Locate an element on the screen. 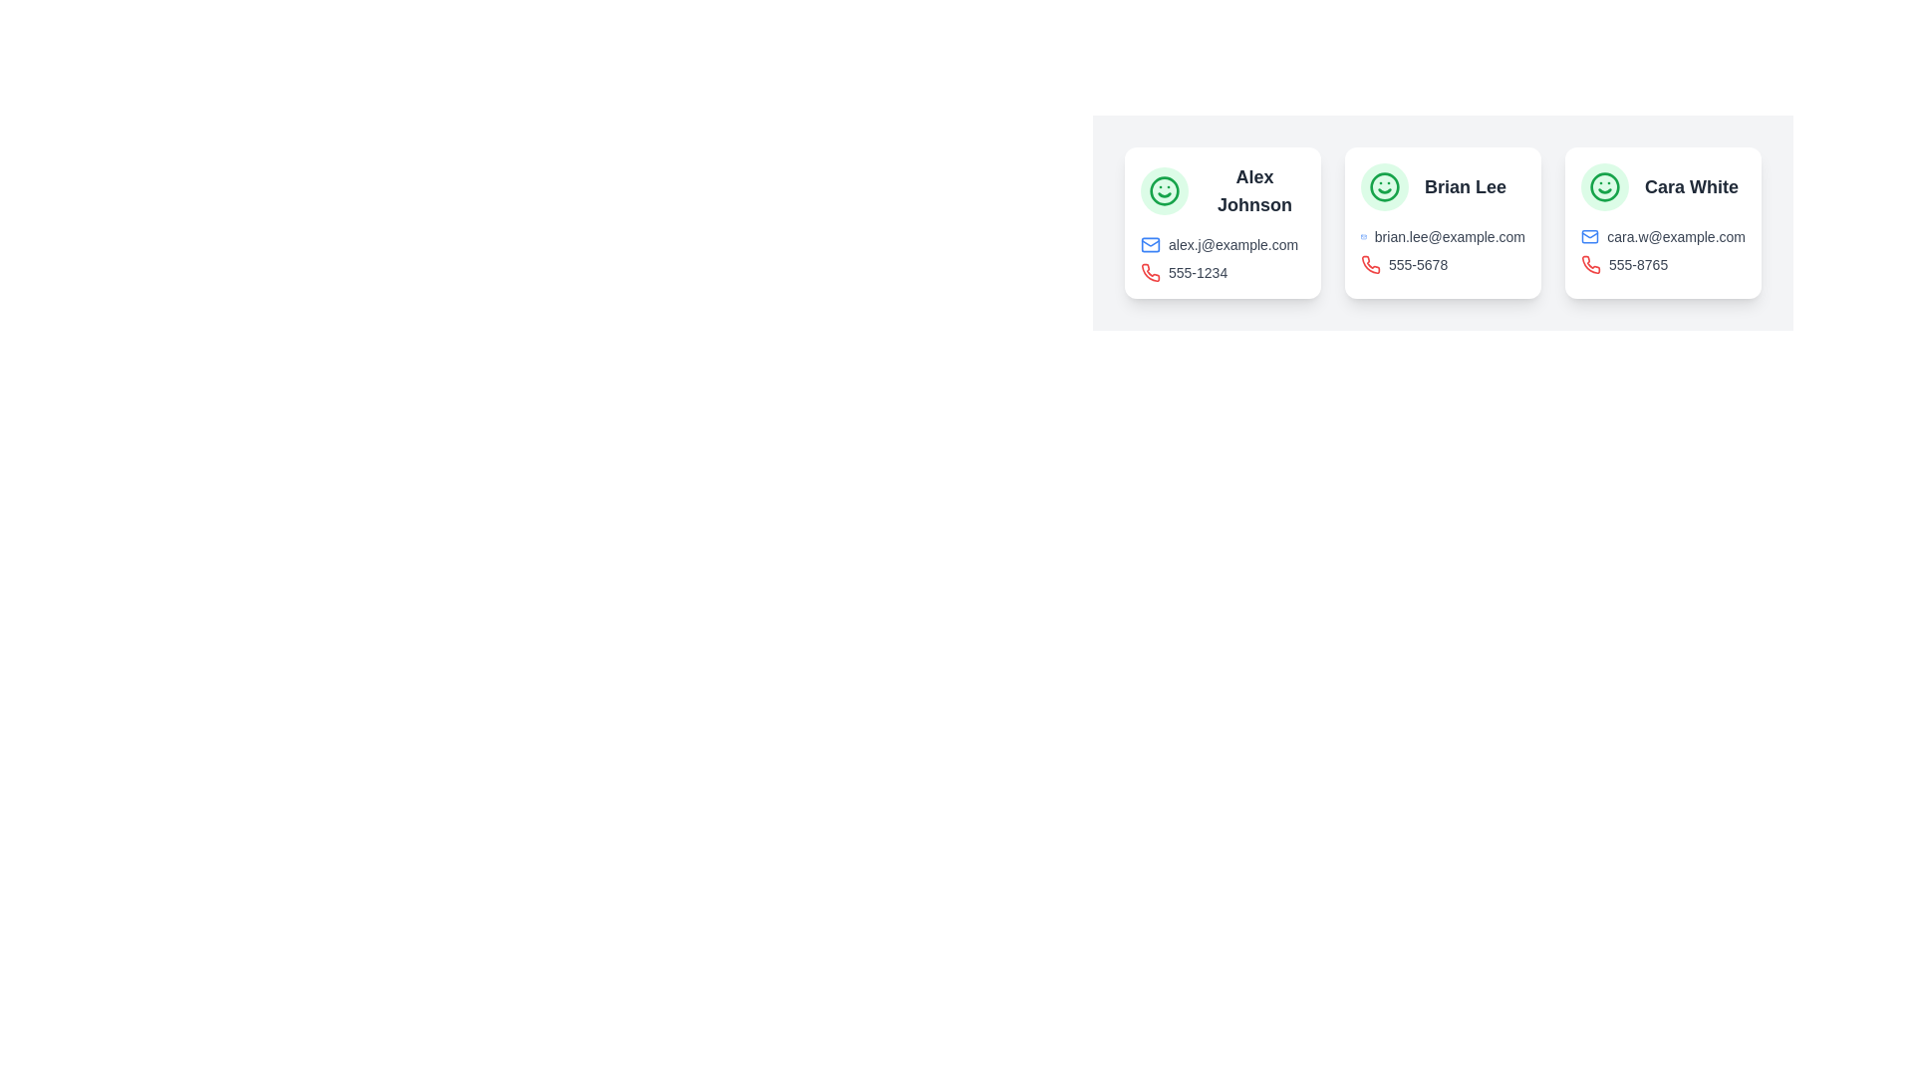 This screenshot has height=1076, width=1913. the happiness icon located in the top-left corner of the 'Cara White' card, which is the third card in a horizontal arrangement of styled cards is located at coordinates (1605, 187).